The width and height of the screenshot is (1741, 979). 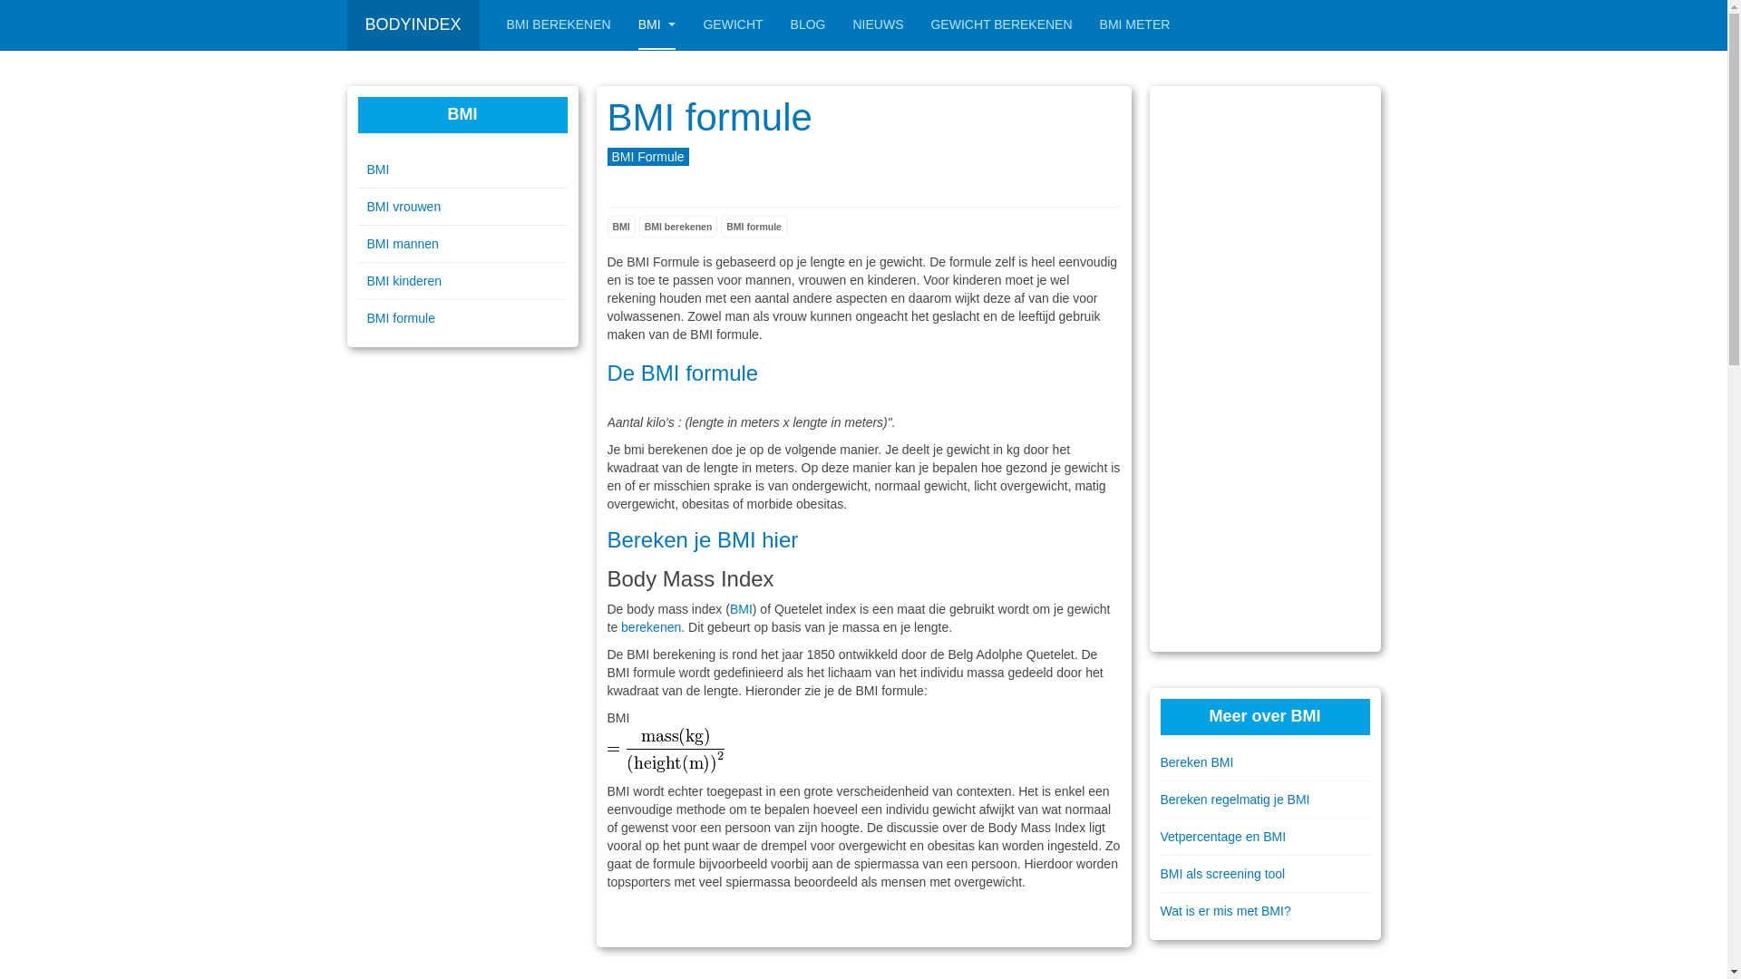 I want to click on 'Bereken regelmatig je BMI', so click(x=1264, y=799).